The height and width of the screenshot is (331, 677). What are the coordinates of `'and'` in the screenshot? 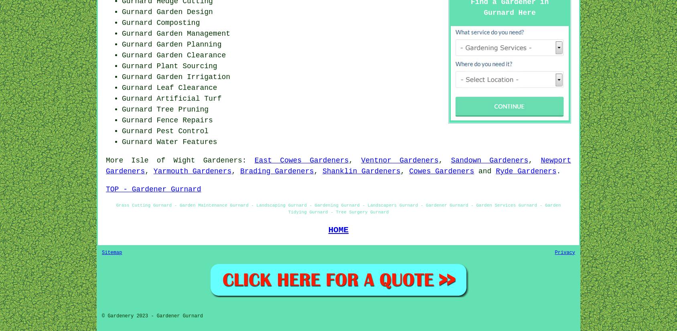 It's located at (484, 171).